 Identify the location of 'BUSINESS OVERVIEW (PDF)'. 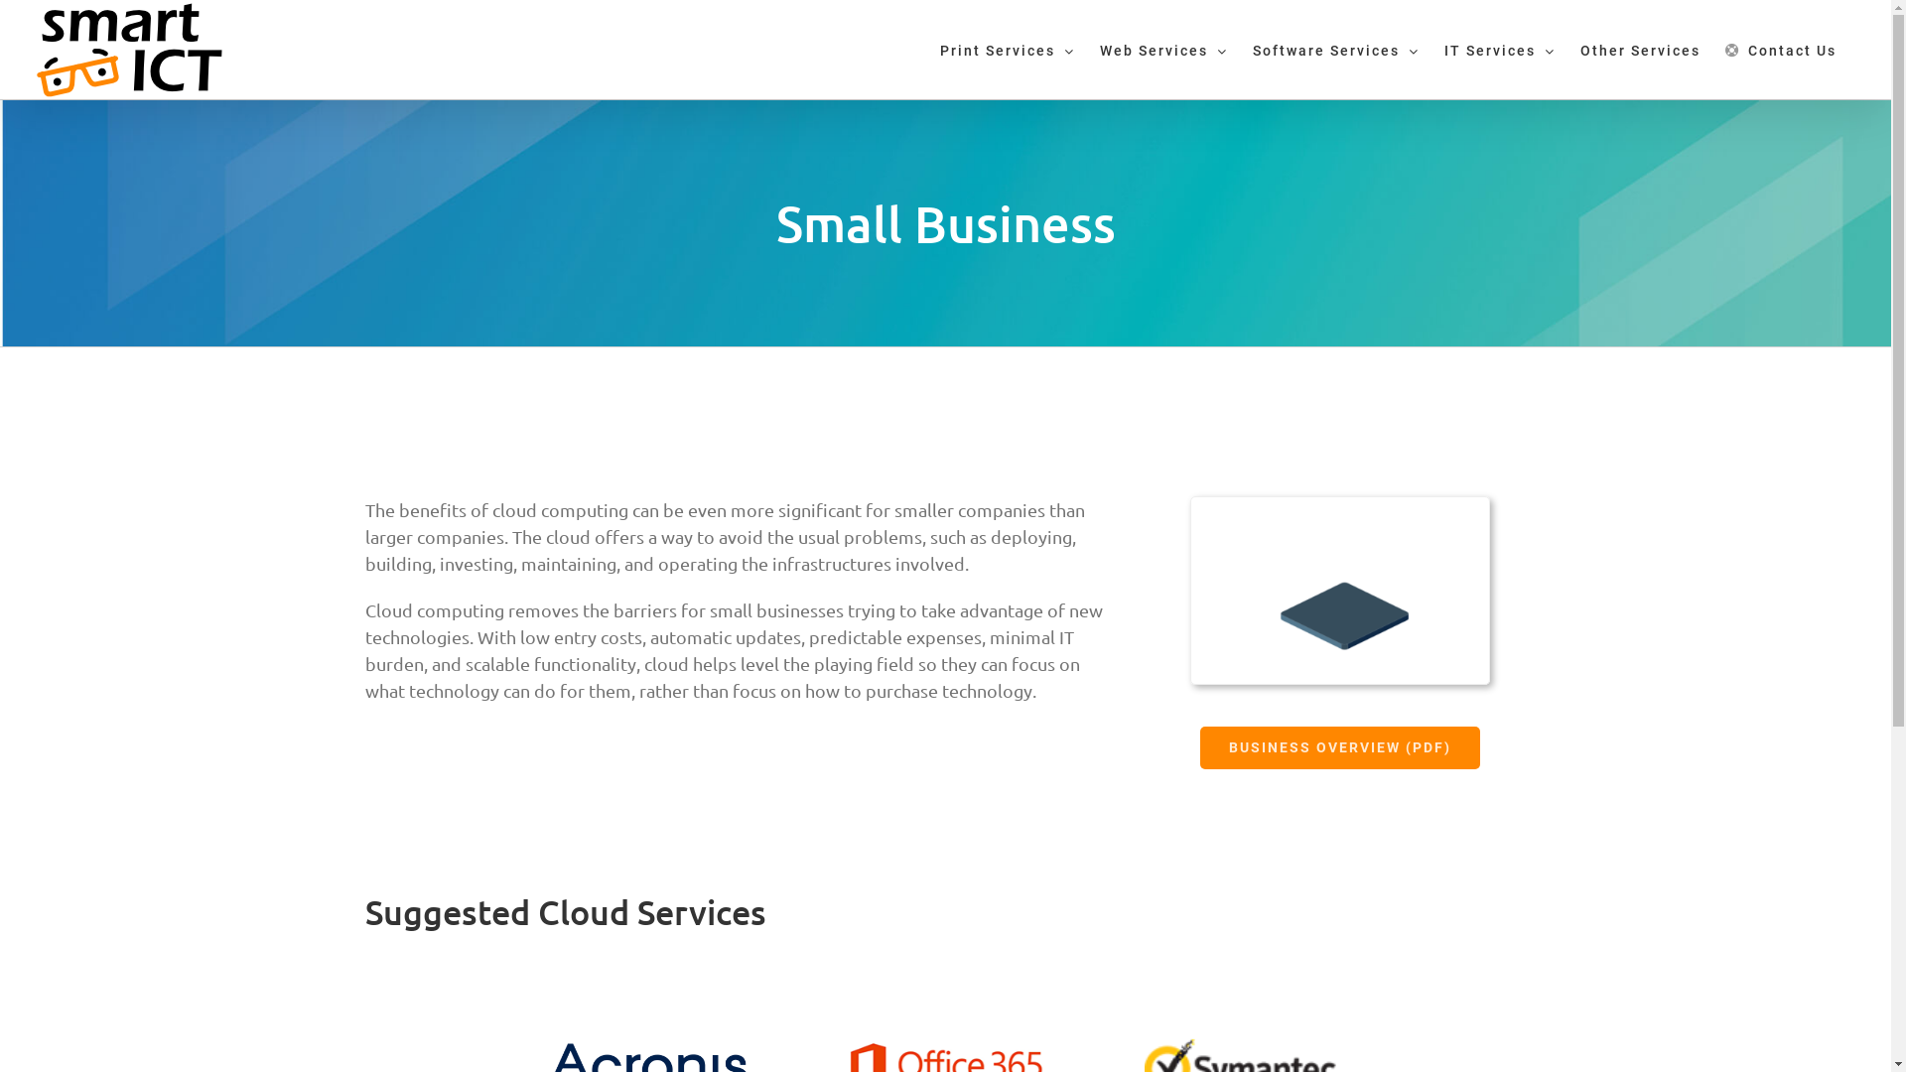
(1339, 747).